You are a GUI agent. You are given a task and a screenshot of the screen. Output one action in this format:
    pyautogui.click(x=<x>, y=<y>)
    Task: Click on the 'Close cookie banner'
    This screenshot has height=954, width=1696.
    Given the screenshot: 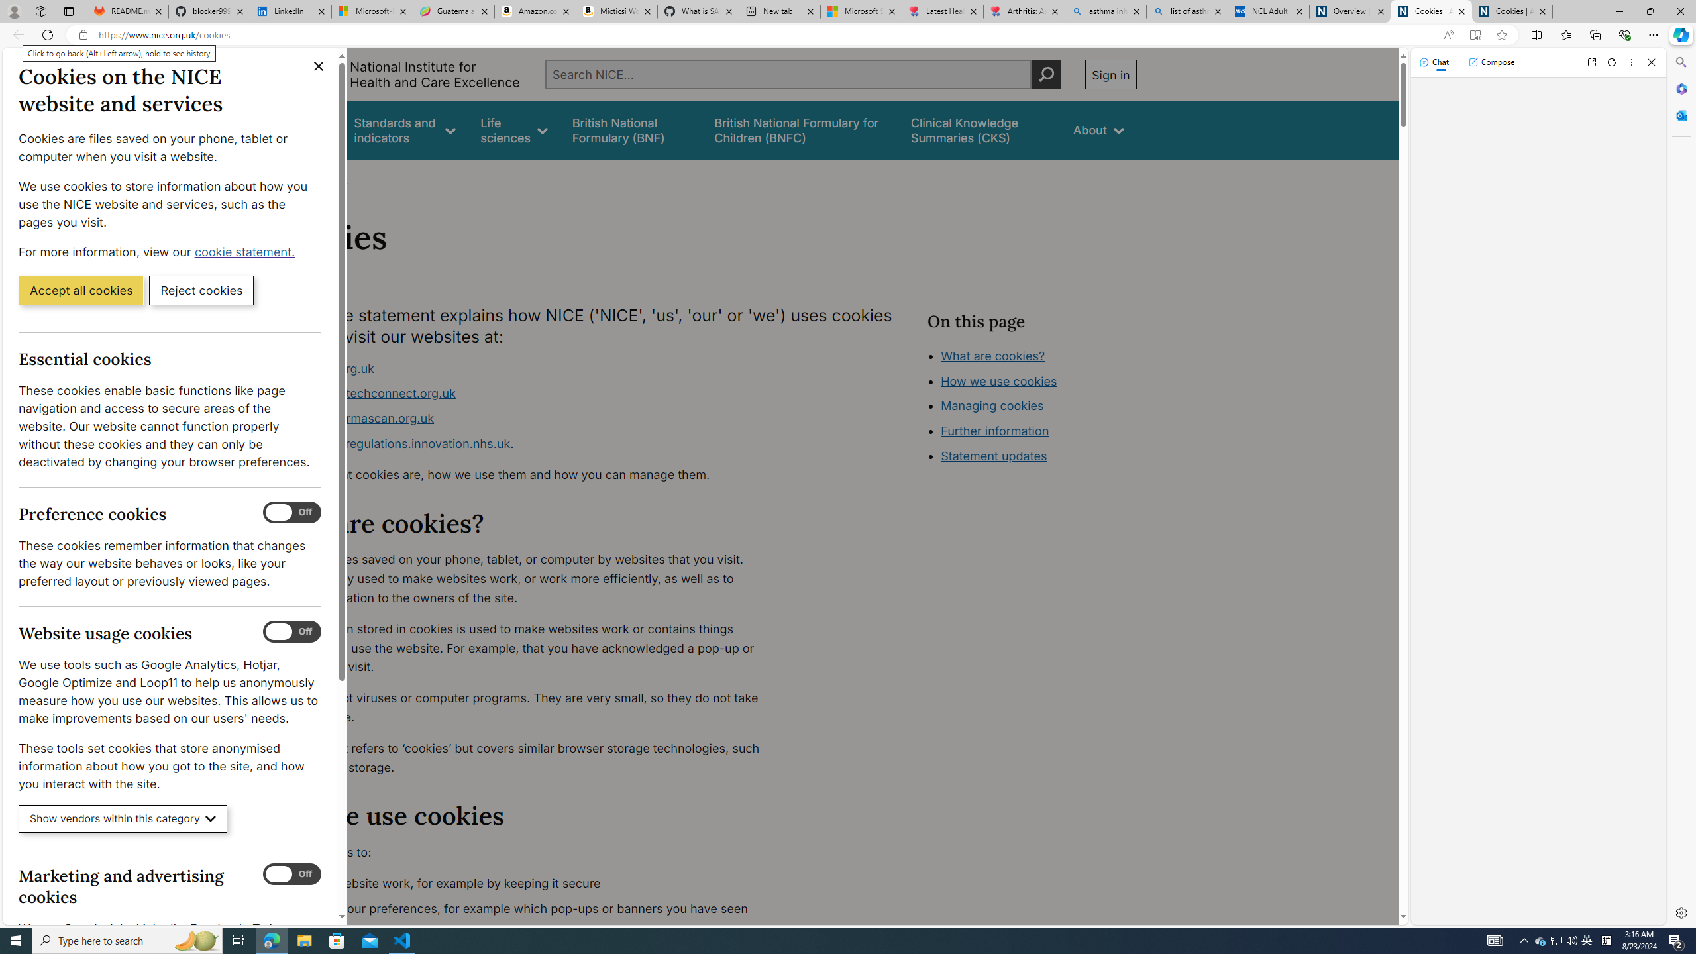 What is the action you would take?
    pyautogui.click(x=319, y=66)
    